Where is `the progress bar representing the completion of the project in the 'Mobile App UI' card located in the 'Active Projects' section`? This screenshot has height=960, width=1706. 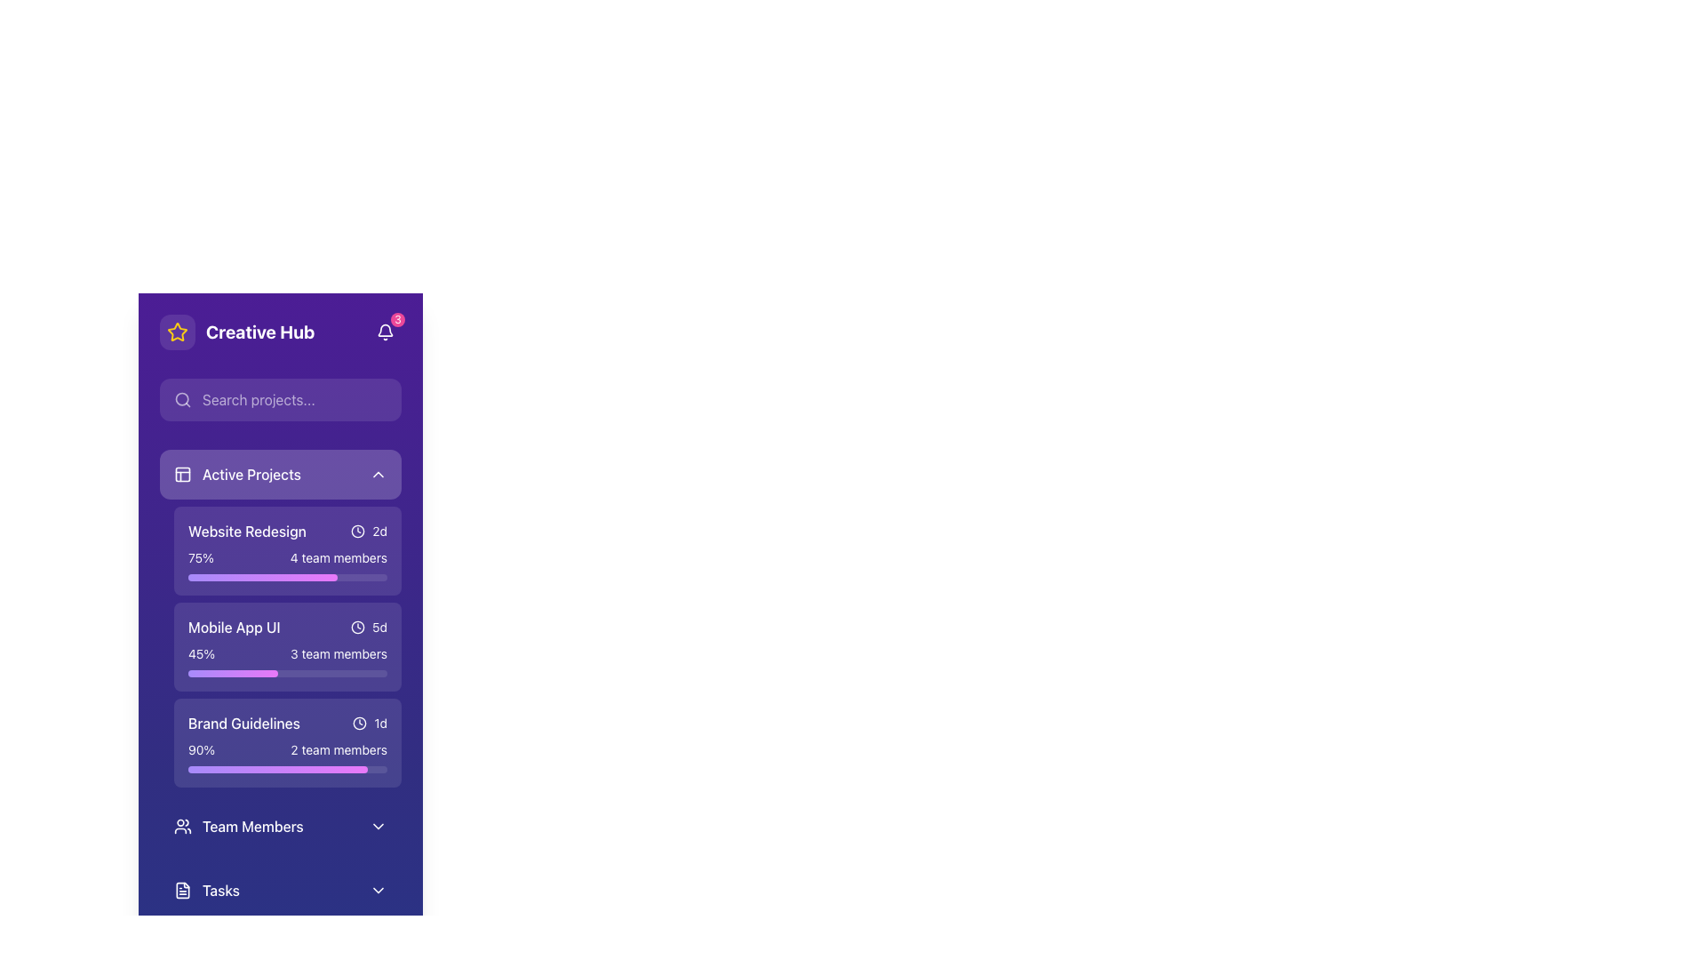
the progress bar representing the completion of the project in the 'Mobile App UI' card located in the 'Active Projects' section is located at coordinates (288, 661).